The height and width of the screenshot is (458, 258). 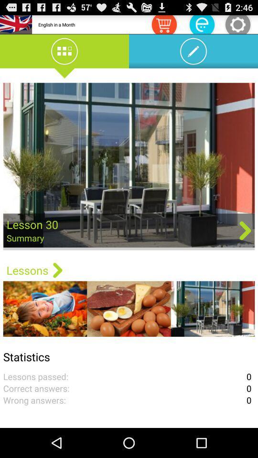 What do you see at coordinates (237, 24) in the screenshot?
I see `click the gear icon` at bounding box center [237, 24].